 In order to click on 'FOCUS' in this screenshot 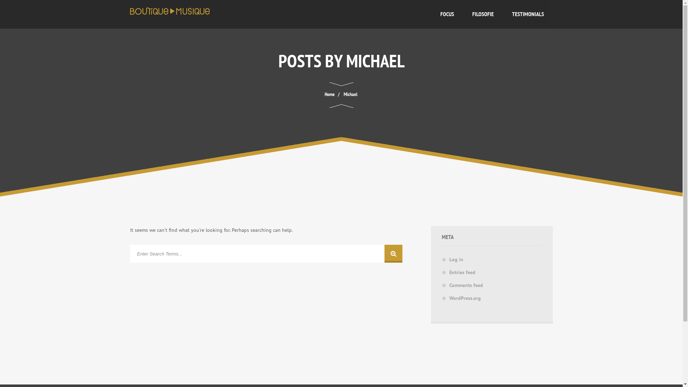, I will do `click(447, 14)`.